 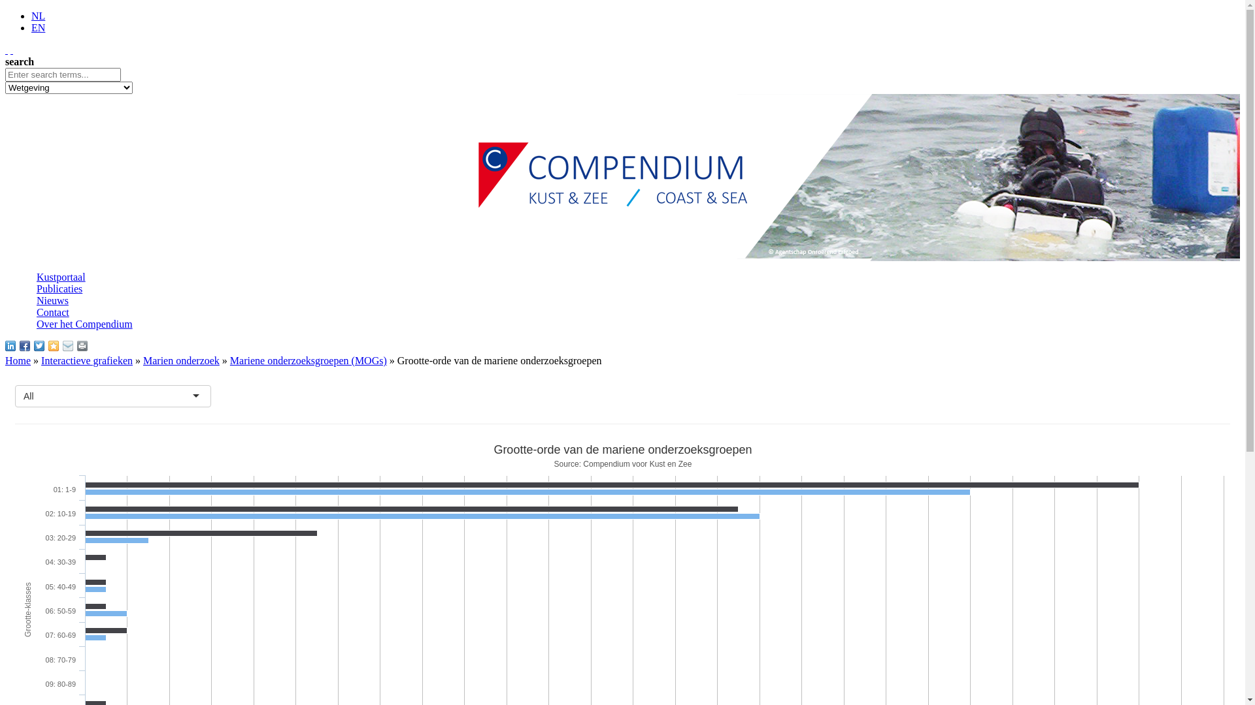 I want to click on 'Interactieve grafieken', so click(x=86, y=360).